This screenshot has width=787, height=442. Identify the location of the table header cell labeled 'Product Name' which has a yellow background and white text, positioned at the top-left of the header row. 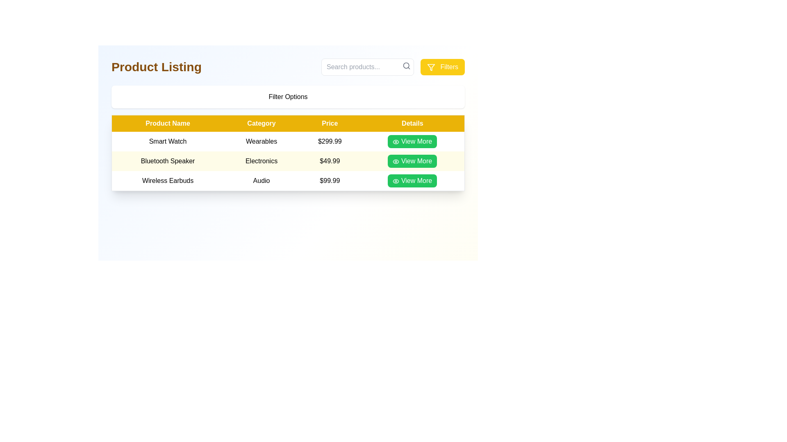
(167, 123).